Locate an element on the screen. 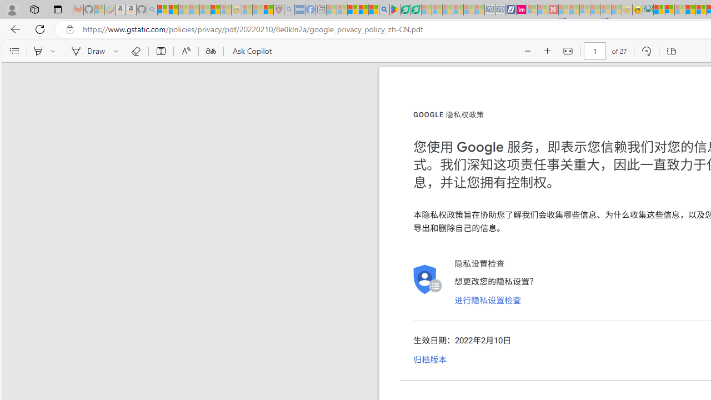 This screenshot has height=400, width=711. 'Zoom in (Ctrl+Plus key)' is located at coordinates (548, 51).